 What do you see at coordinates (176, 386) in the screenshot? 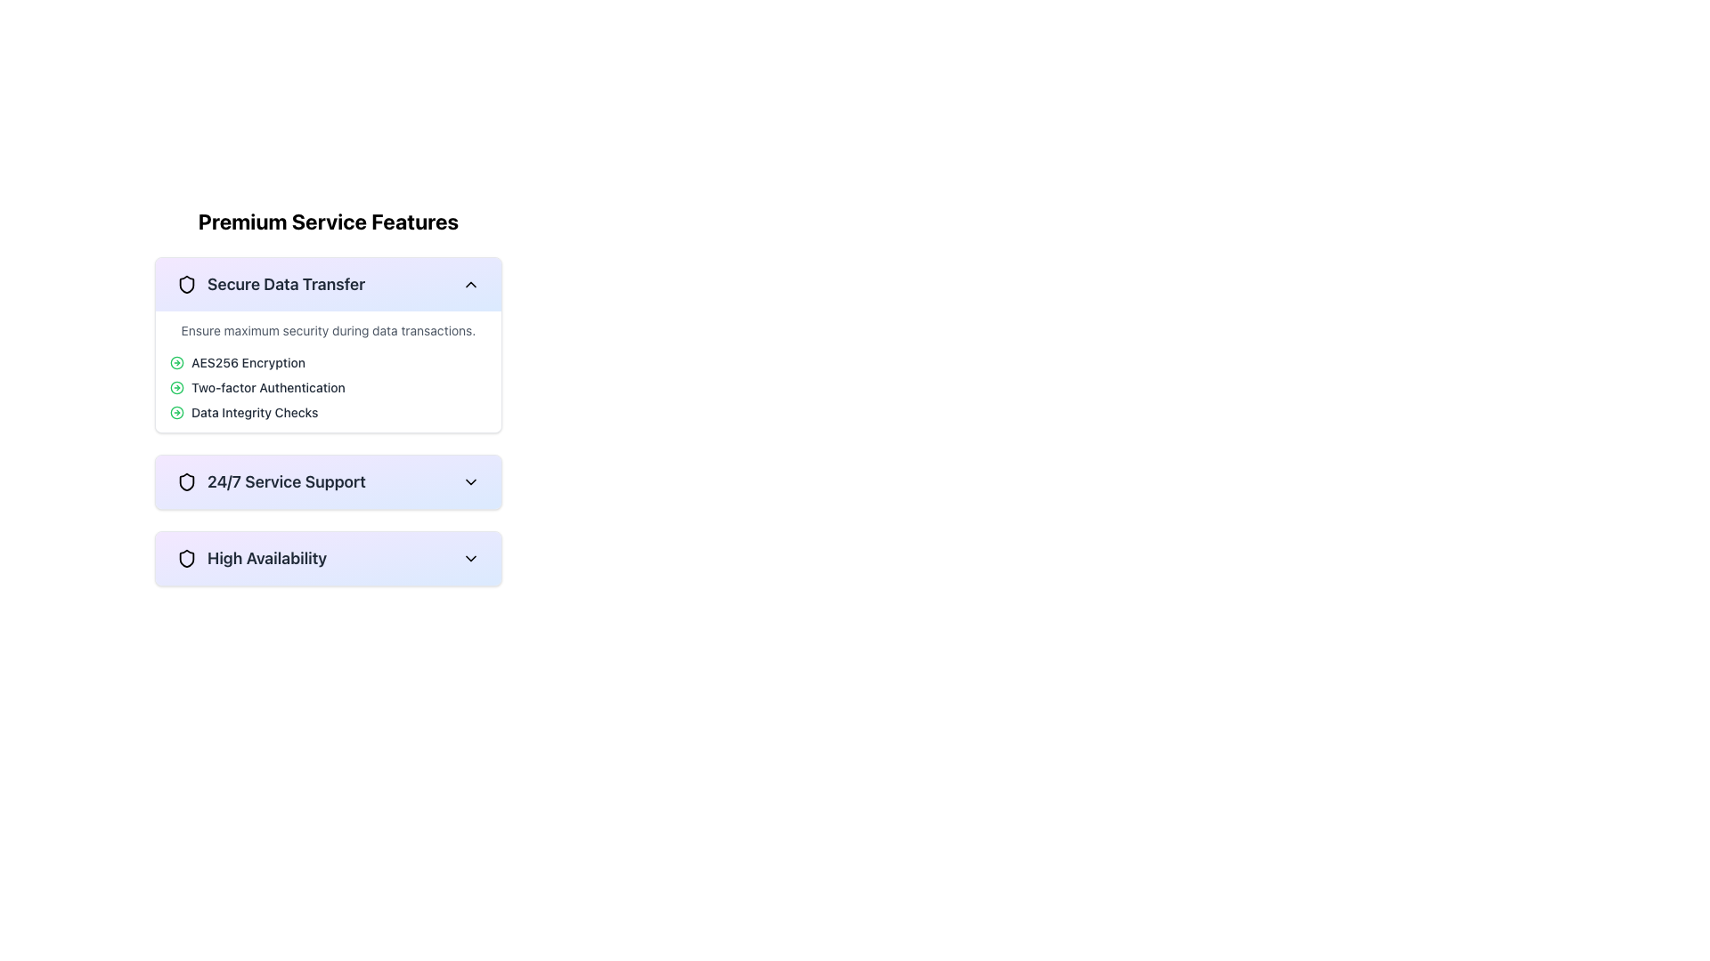
I see `the green circular icon with a right-pointing arrow, located to the left of the 'Two-factor Authentication' text under the 'Secure Data Transfer' section` at bounding box center [176, 386].